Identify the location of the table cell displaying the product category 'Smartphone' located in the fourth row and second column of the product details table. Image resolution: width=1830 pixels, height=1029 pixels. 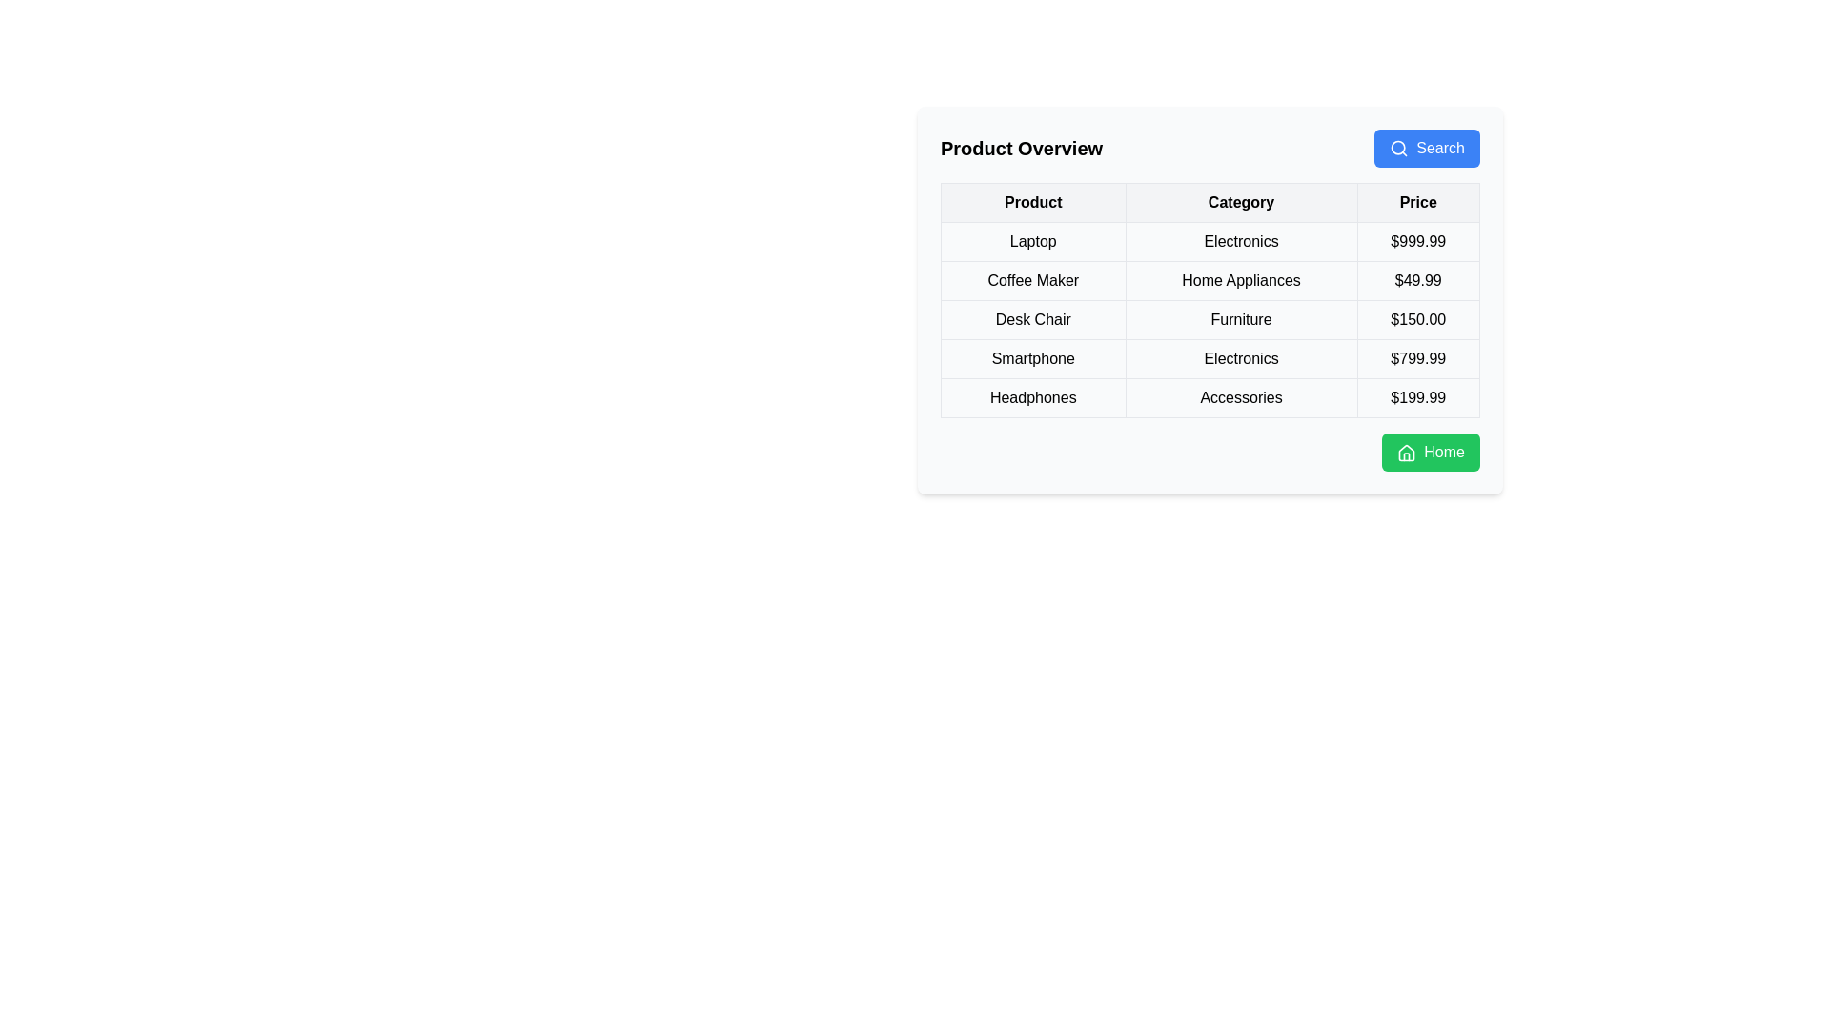
(1210, 359).